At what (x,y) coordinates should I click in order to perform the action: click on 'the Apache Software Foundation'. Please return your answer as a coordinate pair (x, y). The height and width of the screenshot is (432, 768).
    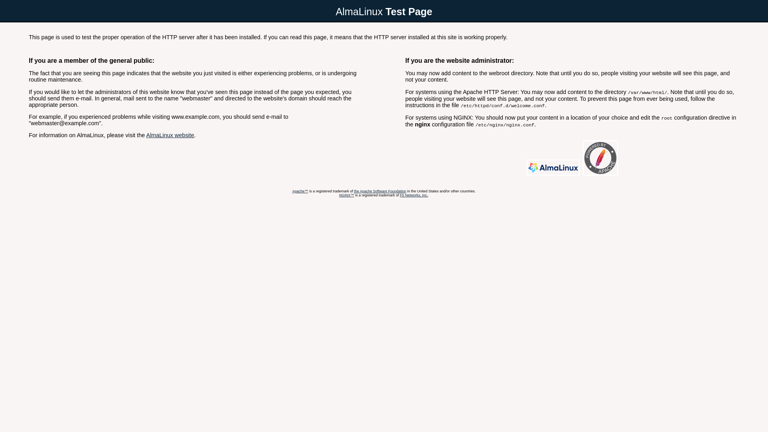
    Looking at the image, I should click on (380, 191).